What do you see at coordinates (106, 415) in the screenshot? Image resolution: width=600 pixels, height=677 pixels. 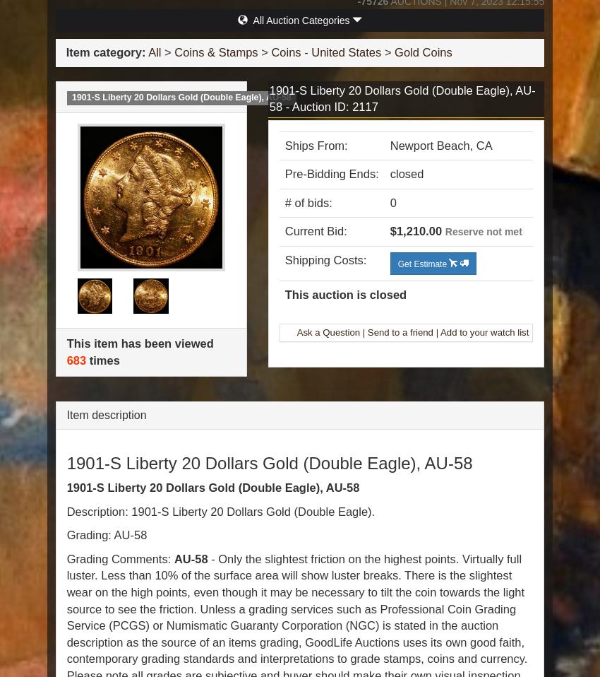 I see `'Item description'` at bounding box center [106, 415].